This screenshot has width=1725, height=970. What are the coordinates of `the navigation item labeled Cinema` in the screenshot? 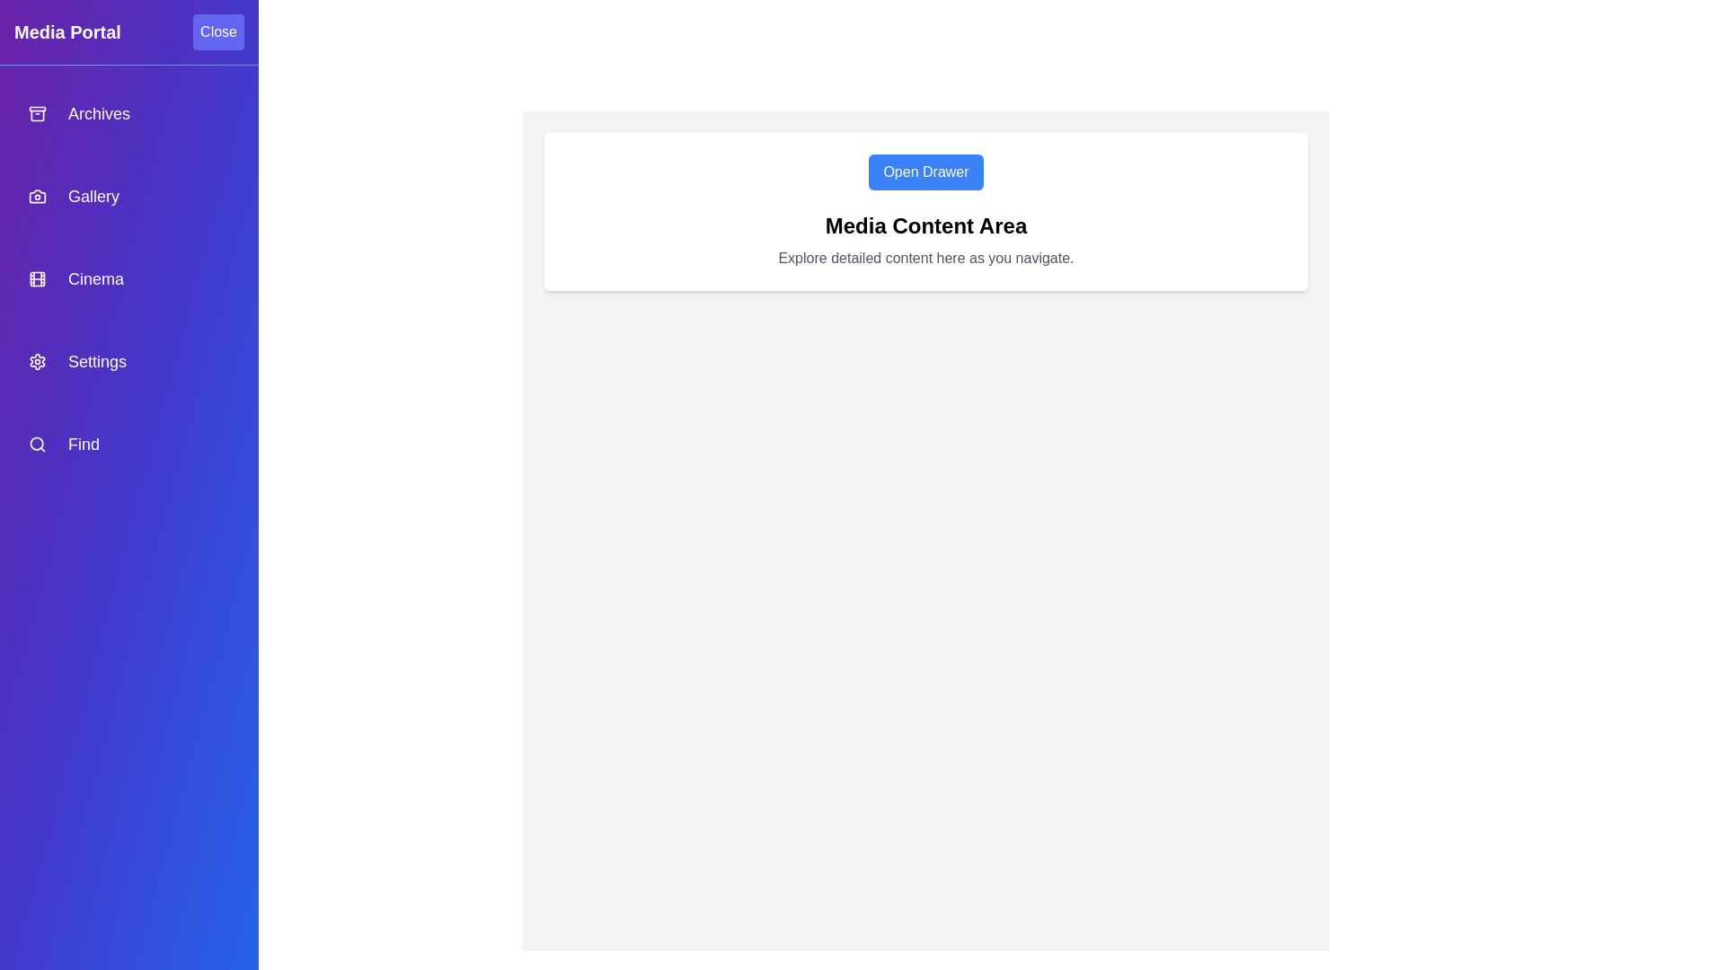 It's located at (128, 279).